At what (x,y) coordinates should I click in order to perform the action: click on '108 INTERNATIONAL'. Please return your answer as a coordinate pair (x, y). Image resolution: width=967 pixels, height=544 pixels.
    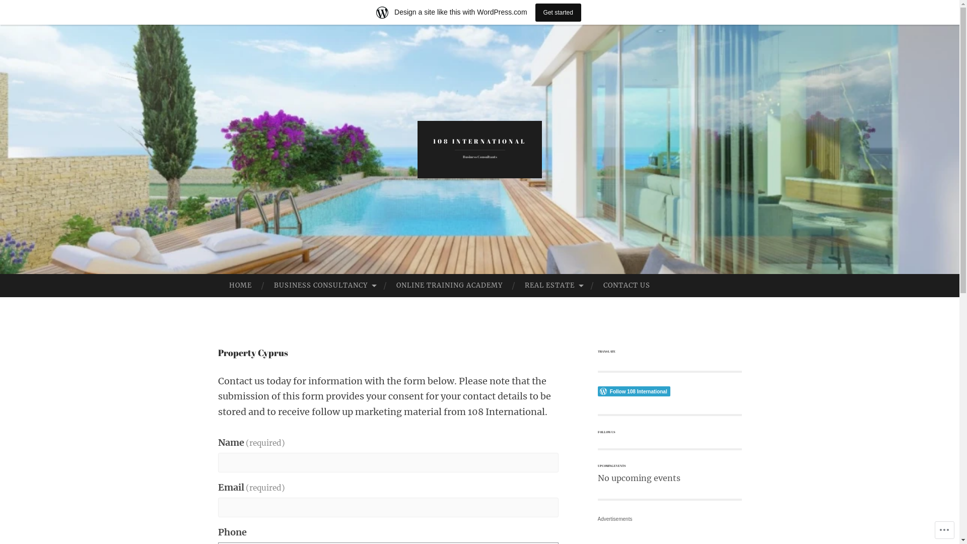
    Looking at the image, I should click on (479, 141).